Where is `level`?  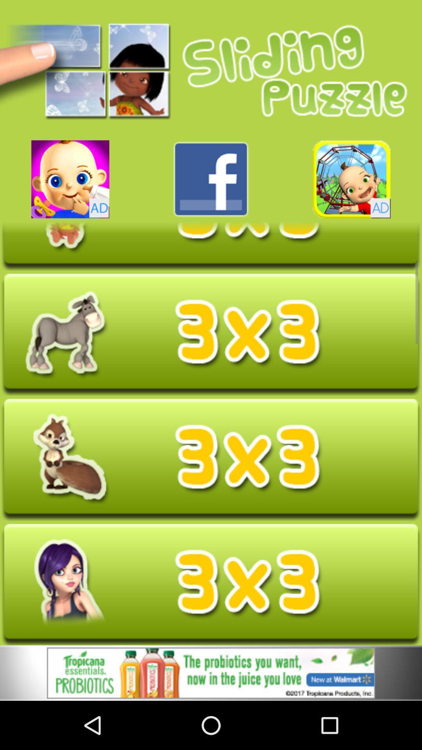
level is located at coordinates (211, 459).